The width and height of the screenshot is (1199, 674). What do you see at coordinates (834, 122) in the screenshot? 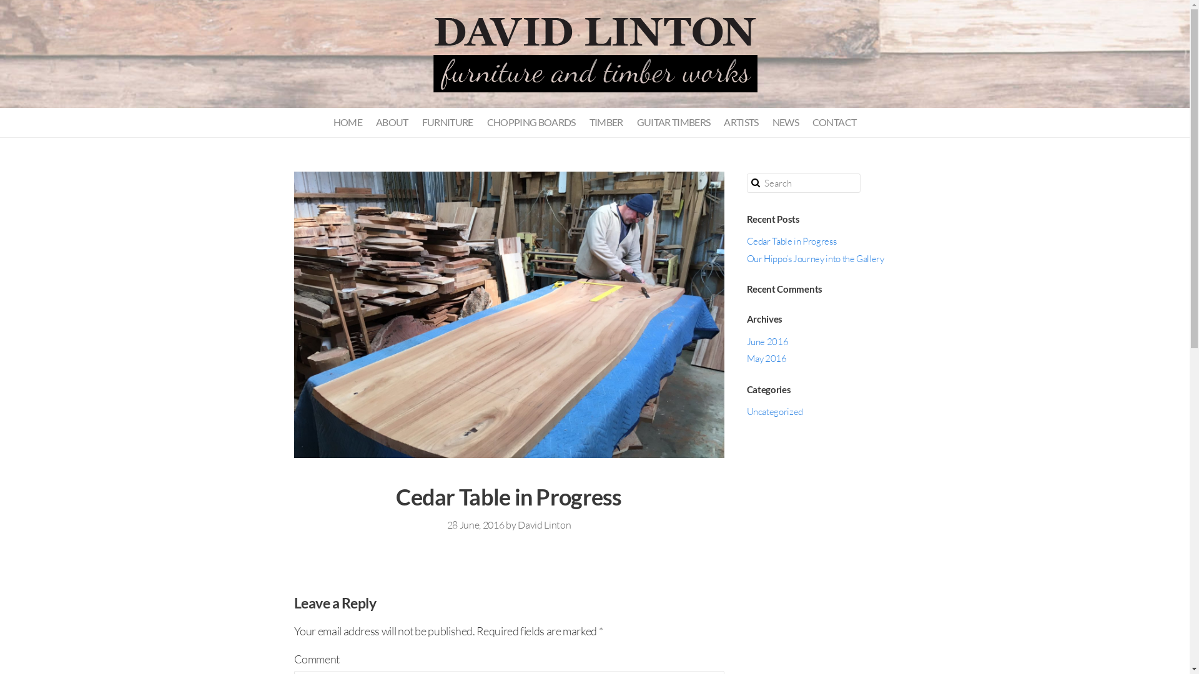
I see `'CONTACT'` at bounding box center [834, 122].